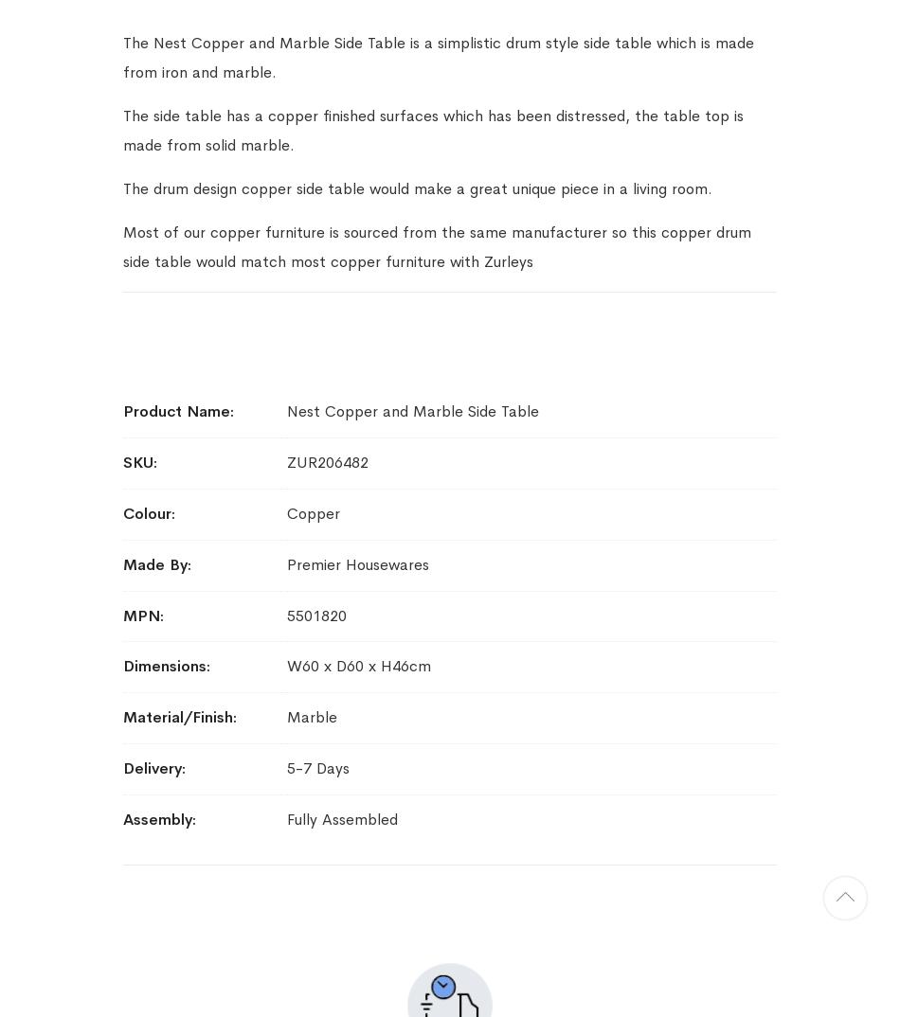 The height and width of the screenshot is (1017, 900). What do you see at coordinates (138, 462) in the screenshot?
I see `'SKU'` at bounding box center [138, 462].